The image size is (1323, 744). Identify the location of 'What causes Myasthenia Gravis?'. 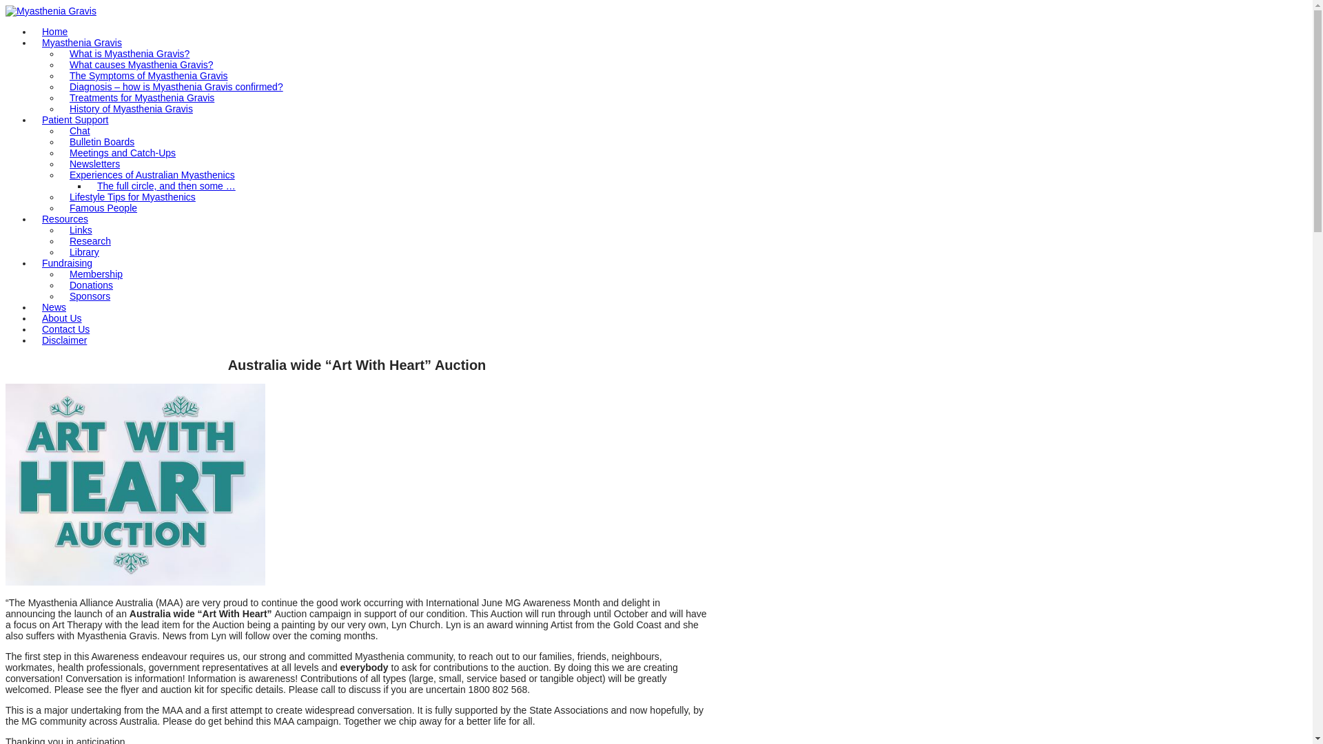
(141, 64).